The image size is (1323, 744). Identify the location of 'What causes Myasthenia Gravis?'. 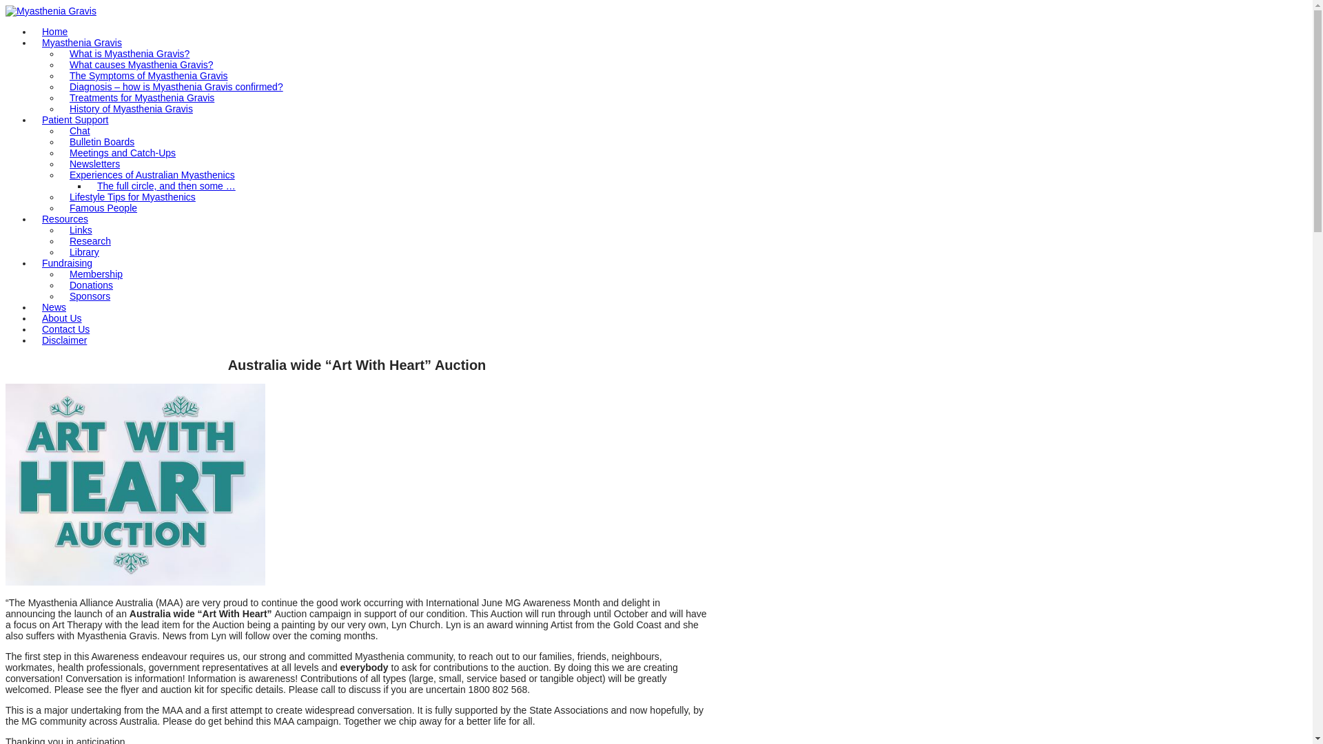
(141, 64).